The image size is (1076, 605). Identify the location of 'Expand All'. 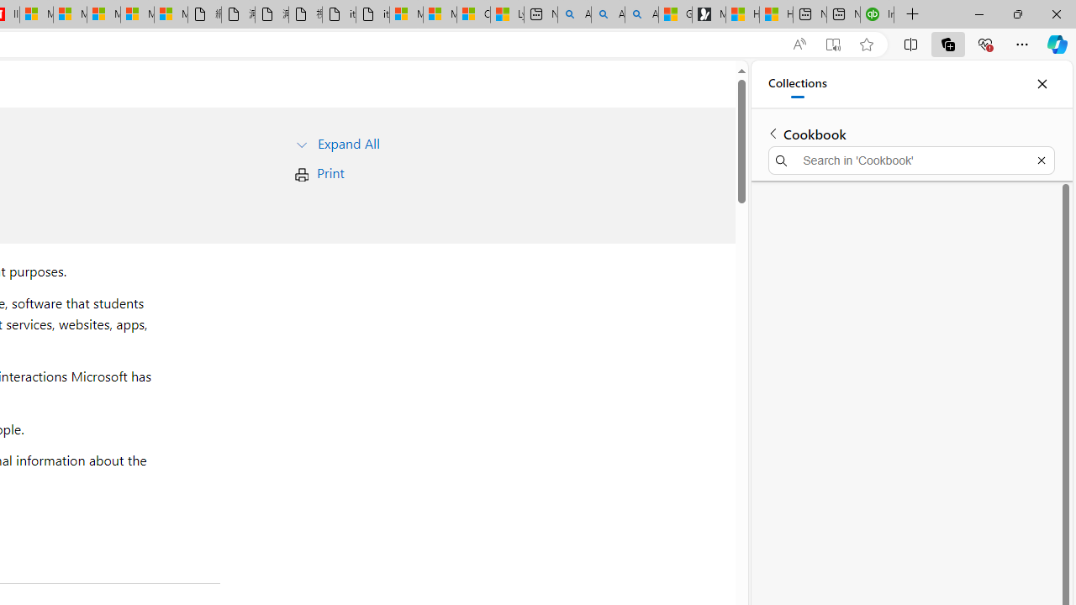
(347, 142).